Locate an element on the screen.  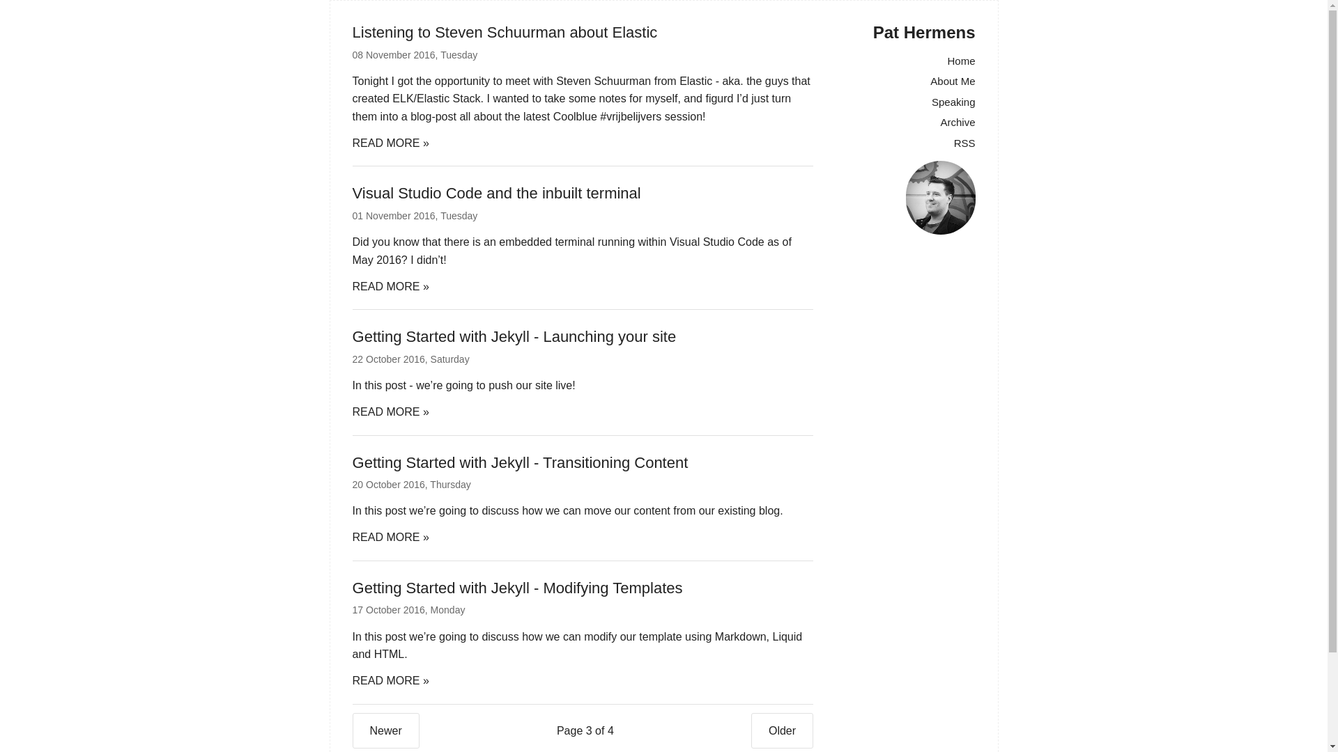
'Home' is located at coordinates (960, 60).